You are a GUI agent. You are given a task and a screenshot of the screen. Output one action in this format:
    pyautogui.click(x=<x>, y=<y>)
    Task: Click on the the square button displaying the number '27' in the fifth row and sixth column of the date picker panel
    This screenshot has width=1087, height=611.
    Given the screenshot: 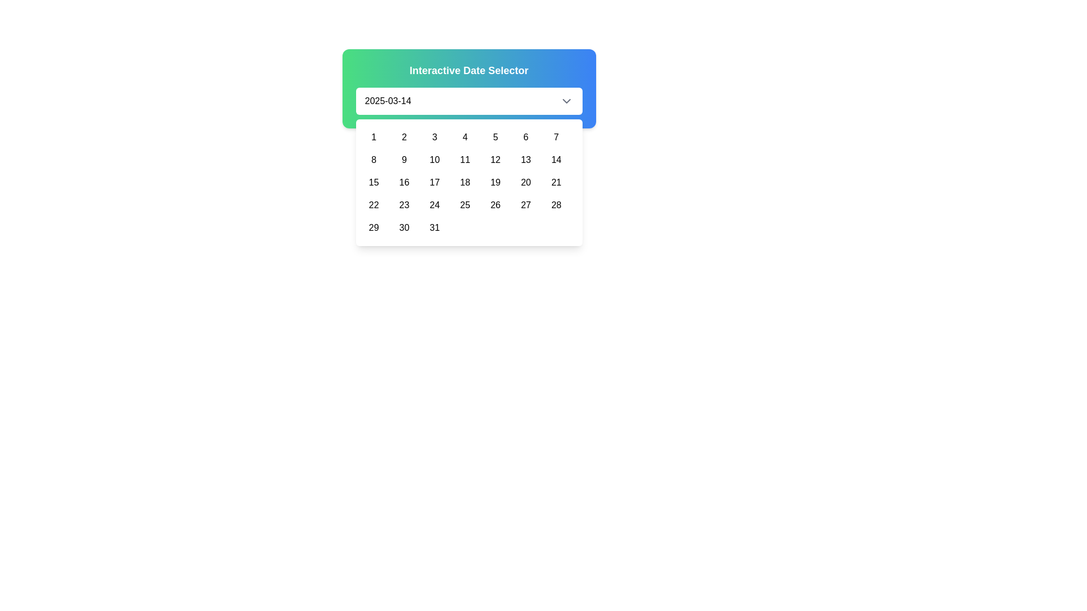 What is the action you would take?
    pyautogui.click(x=525, y=205)
    